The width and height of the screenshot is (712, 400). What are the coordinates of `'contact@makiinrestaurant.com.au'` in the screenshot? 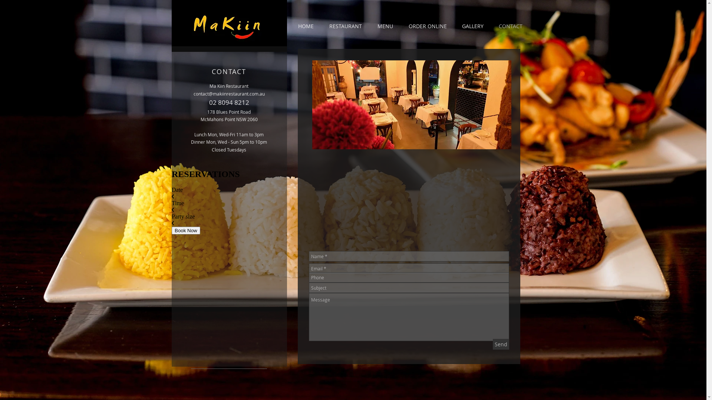 It's located at (229, 93).